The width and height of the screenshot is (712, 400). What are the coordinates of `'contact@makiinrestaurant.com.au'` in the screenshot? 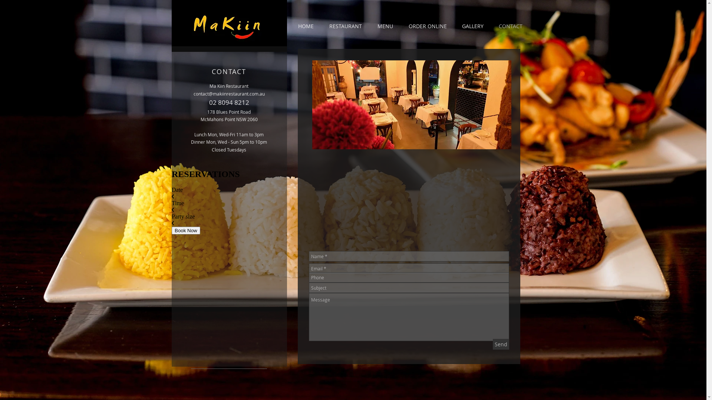 It's located at (229, 93).